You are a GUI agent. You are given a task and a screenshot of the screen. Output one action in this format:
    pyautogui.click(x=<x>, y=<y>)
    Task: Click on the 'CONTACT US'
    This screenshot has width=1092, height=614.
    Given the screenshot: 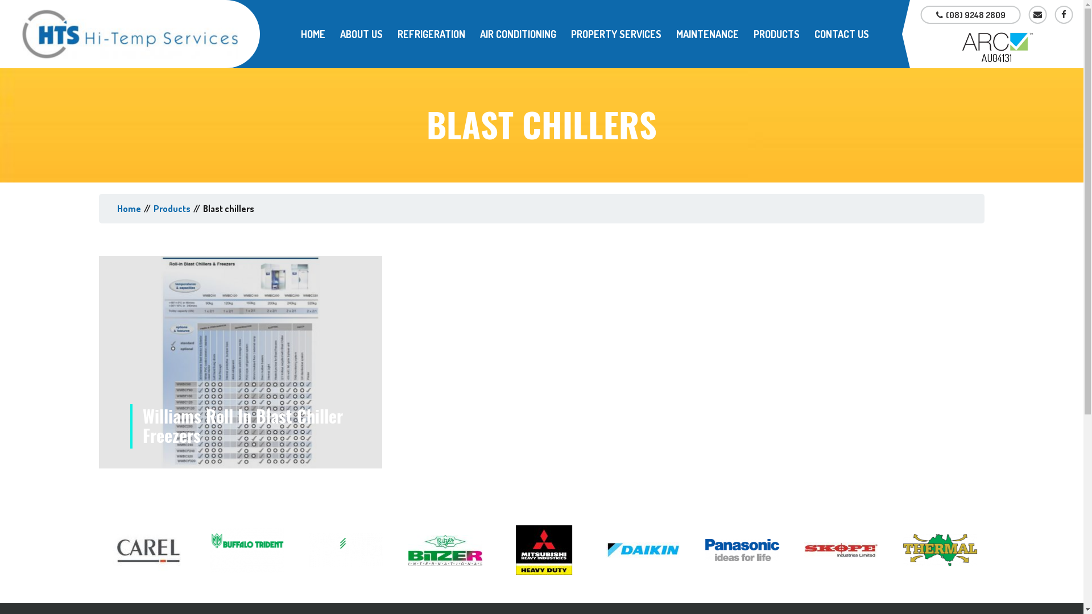 What is the action you would take?
    pyautogui.click(x=841, y=34)
    